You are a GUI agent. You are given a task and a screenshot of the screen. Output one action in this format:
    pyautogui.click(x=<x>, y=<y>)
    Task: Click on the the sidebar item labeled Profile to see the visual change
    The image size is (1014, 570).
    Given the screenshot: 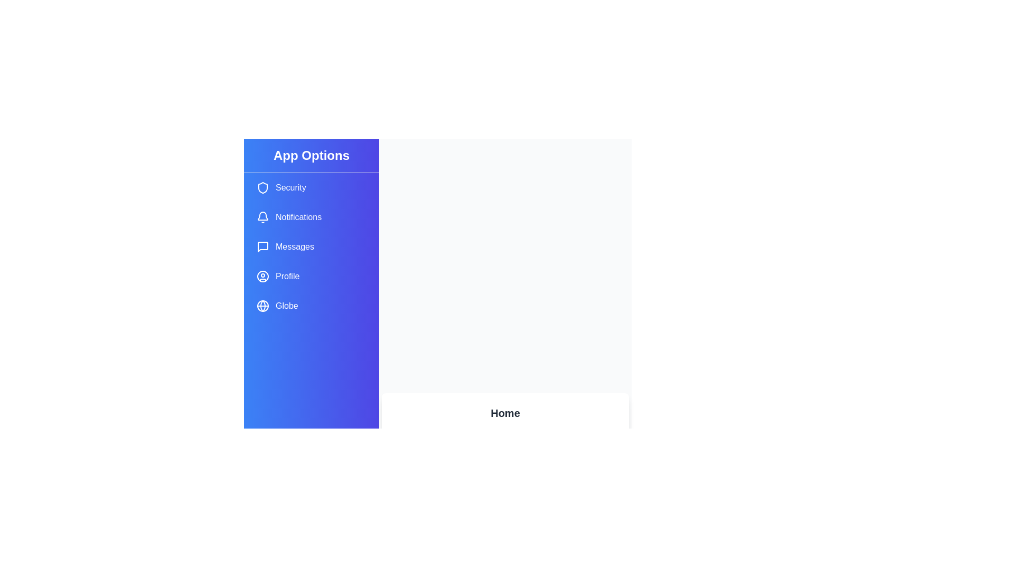 What is the action you would take?
    pyautogui.click(x=311, y=276)
    